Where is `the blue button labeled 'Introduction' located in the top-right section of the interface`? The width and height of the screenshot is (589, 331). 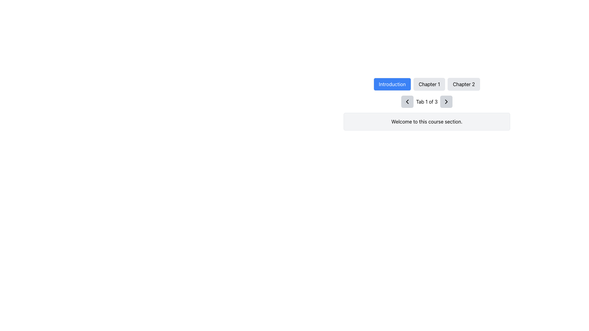 the blue button labeled 'Introduction' located in the top-right section of the interface is located at coordinates (392, 84).